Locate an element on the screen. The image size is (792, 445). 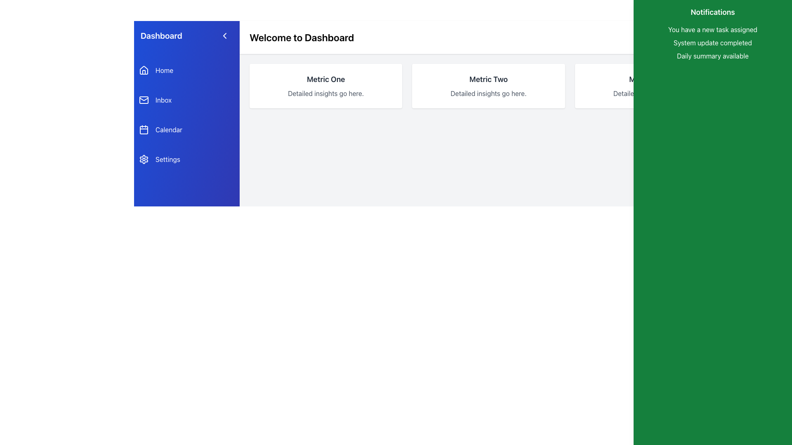
the first static text notification in the right sidebar, which has a green background and informs users of a new task assigned to them is located at coordinates (712, 29).